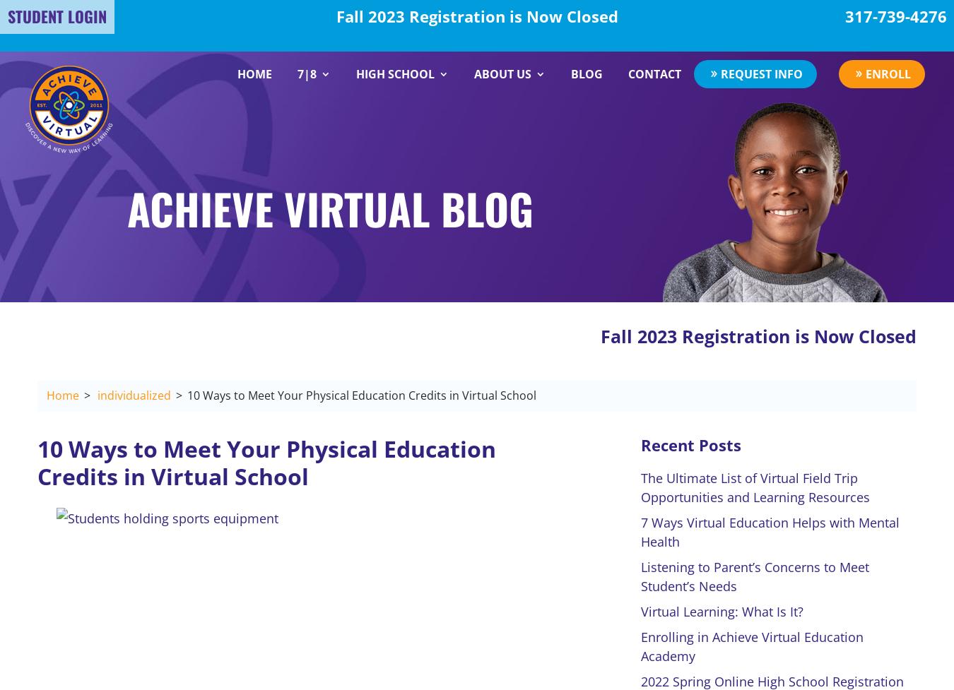  I want to click on 'For Students', so click(407, 154).